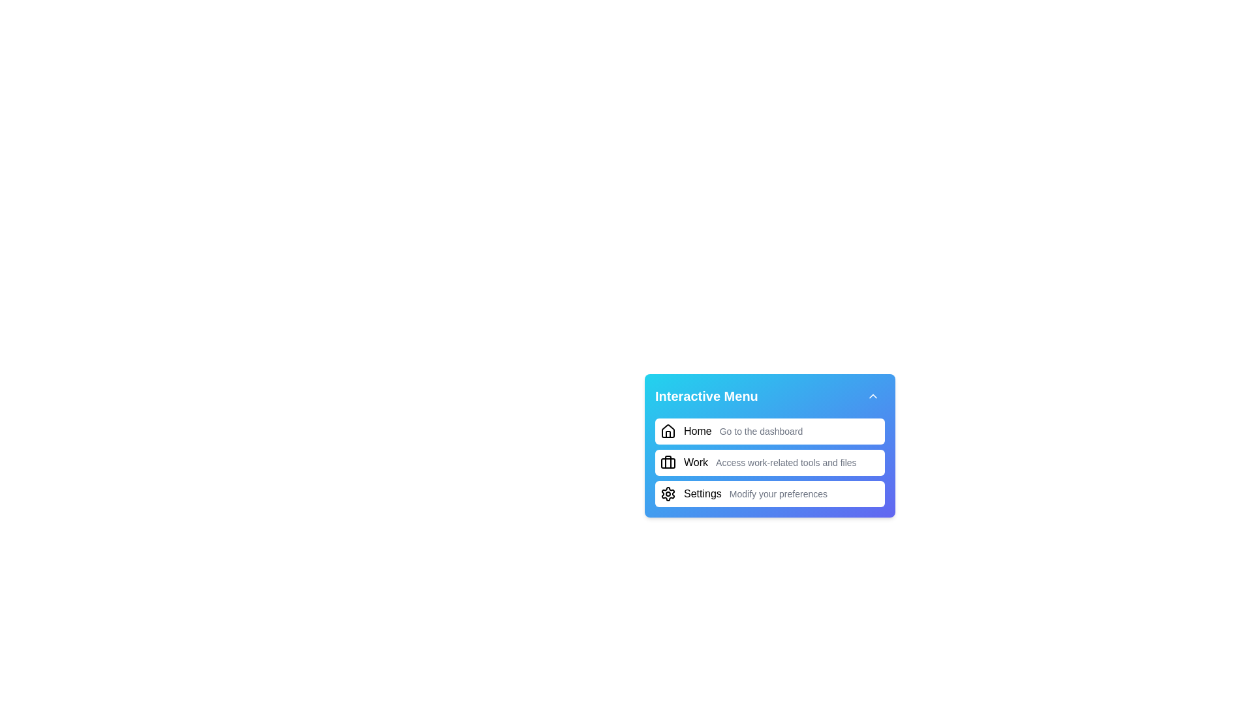 This screenshot has height=704, width=1253. Describe the element at coordinates (668, 432) in the screenshot. I see `the home icon in the topmost menu item of the dashboard, which is visually associated with home navigation and located on the far left next to the 'Home' and 'Go to the dashboard' text elements` at that location.